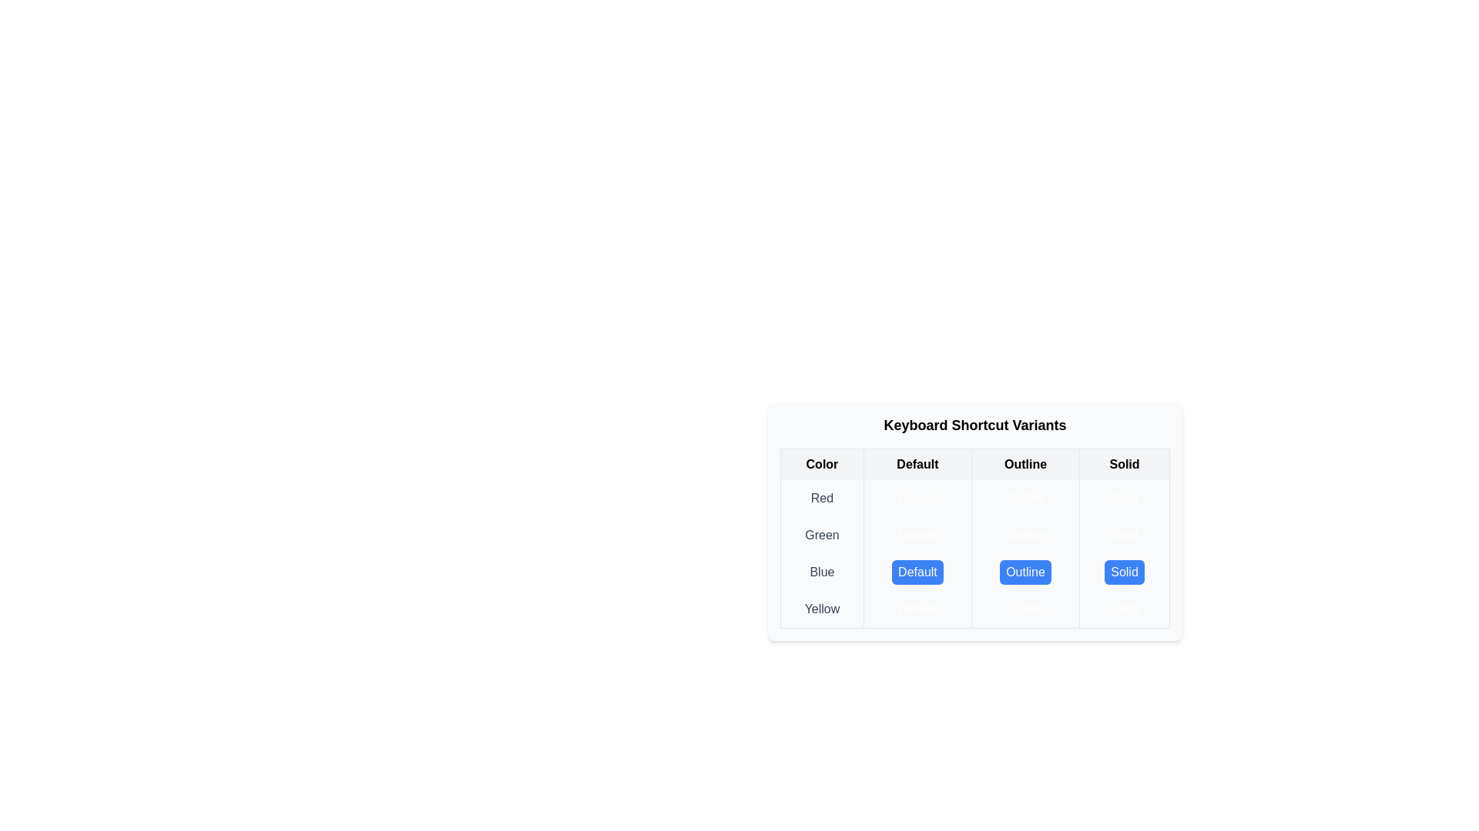  Describe the element at coordinates (917, 499) in the screenshot. I see `the 'Default' button in the second column of the 'Keyboard Shortcut Variants' table, which has a red background and white text` at that location.